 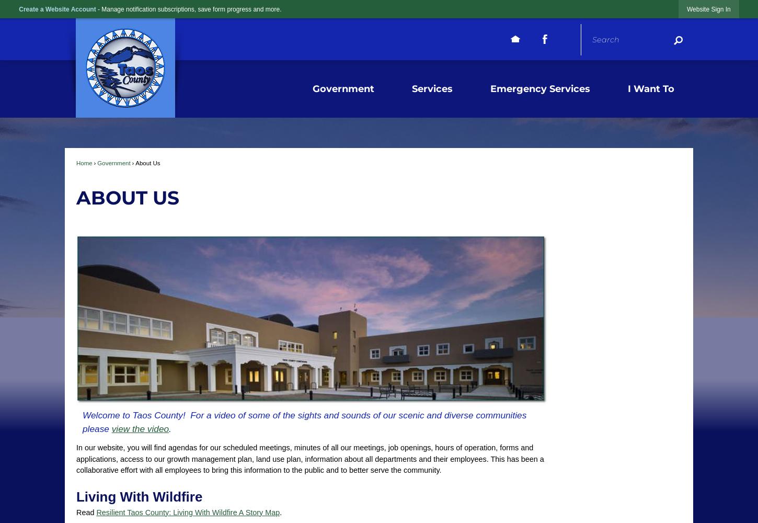 I want to click on '- Manage notification subscriptions, save form progress and more.', so click(x=97, y=9).